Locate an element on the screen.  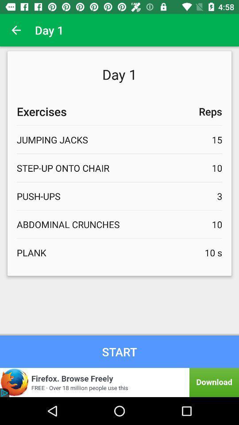
start is located at coordinates (119, 352).